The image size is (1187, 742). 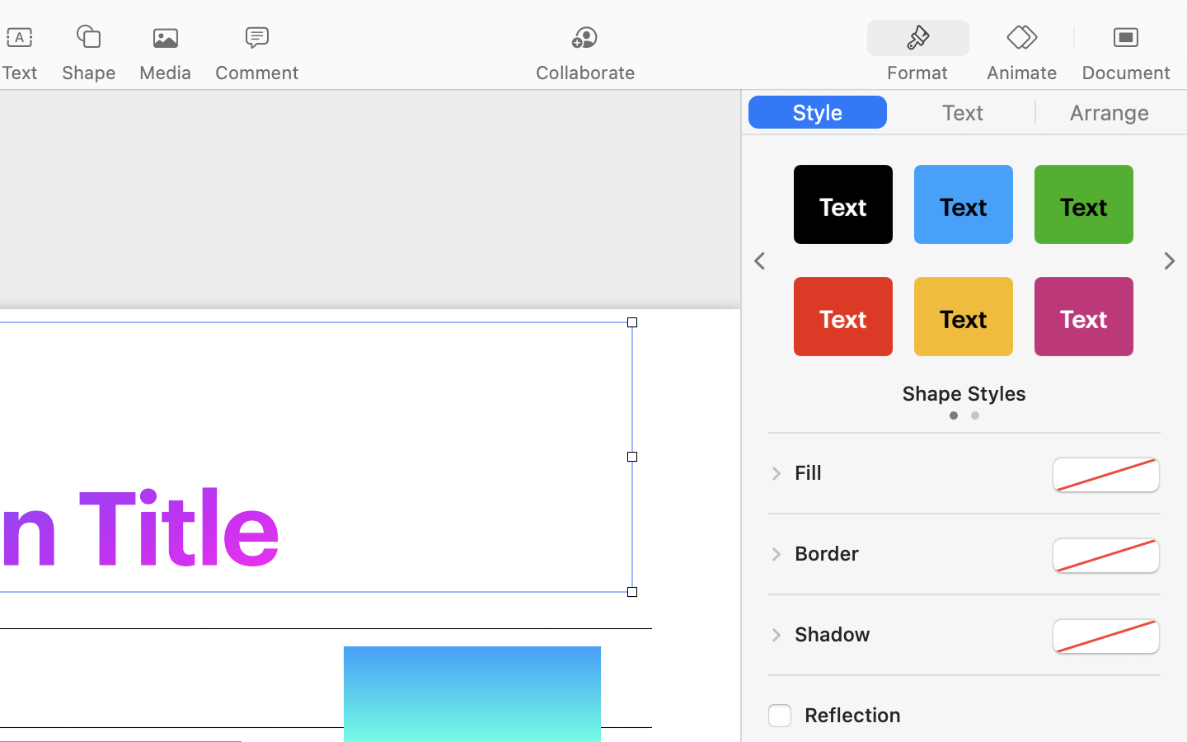 What do you see at coordinates (1124, 72) in the screenshot?
I see `'Document'` at bounding box center [1124, 72].